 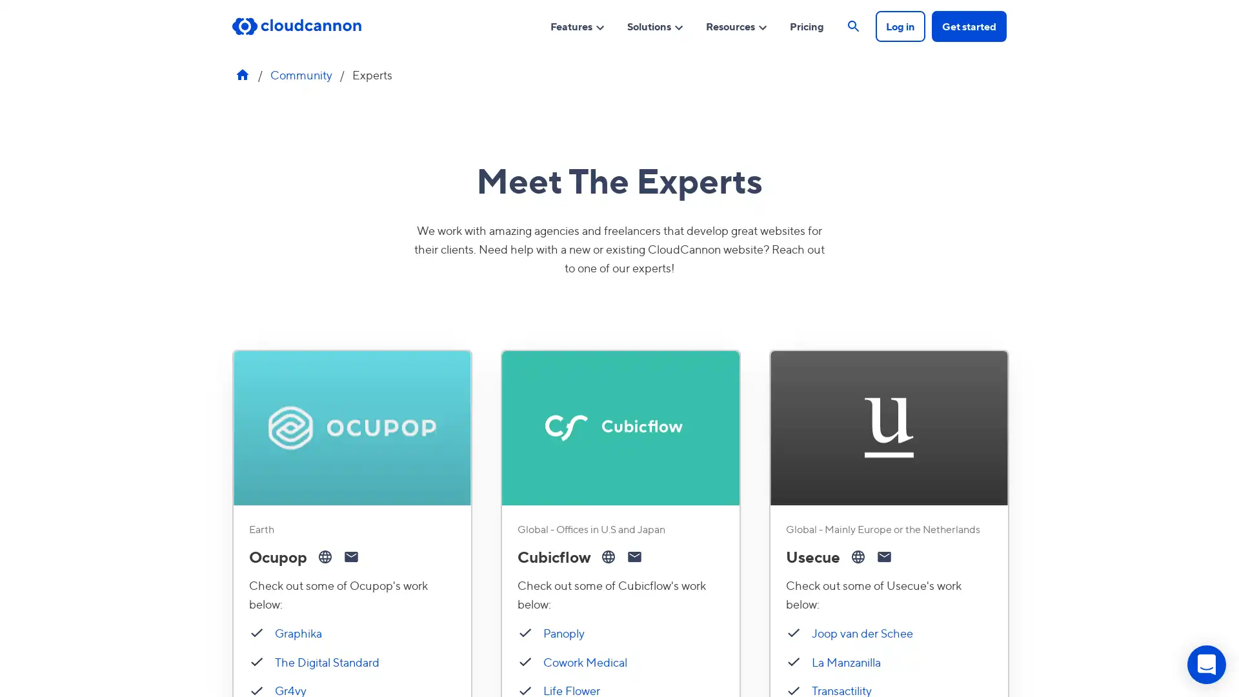 What do you see at coordinates (656, 25) in the screenshot?
I see `Solutions` at bounding box center [656, 25].